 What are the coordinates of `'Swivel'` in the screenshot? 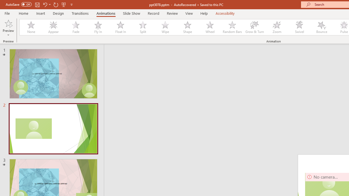 It's located at (299, 27).